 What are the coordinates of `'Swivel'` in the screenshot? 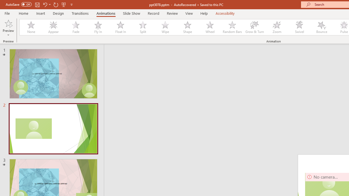 It's located at (299, 27).